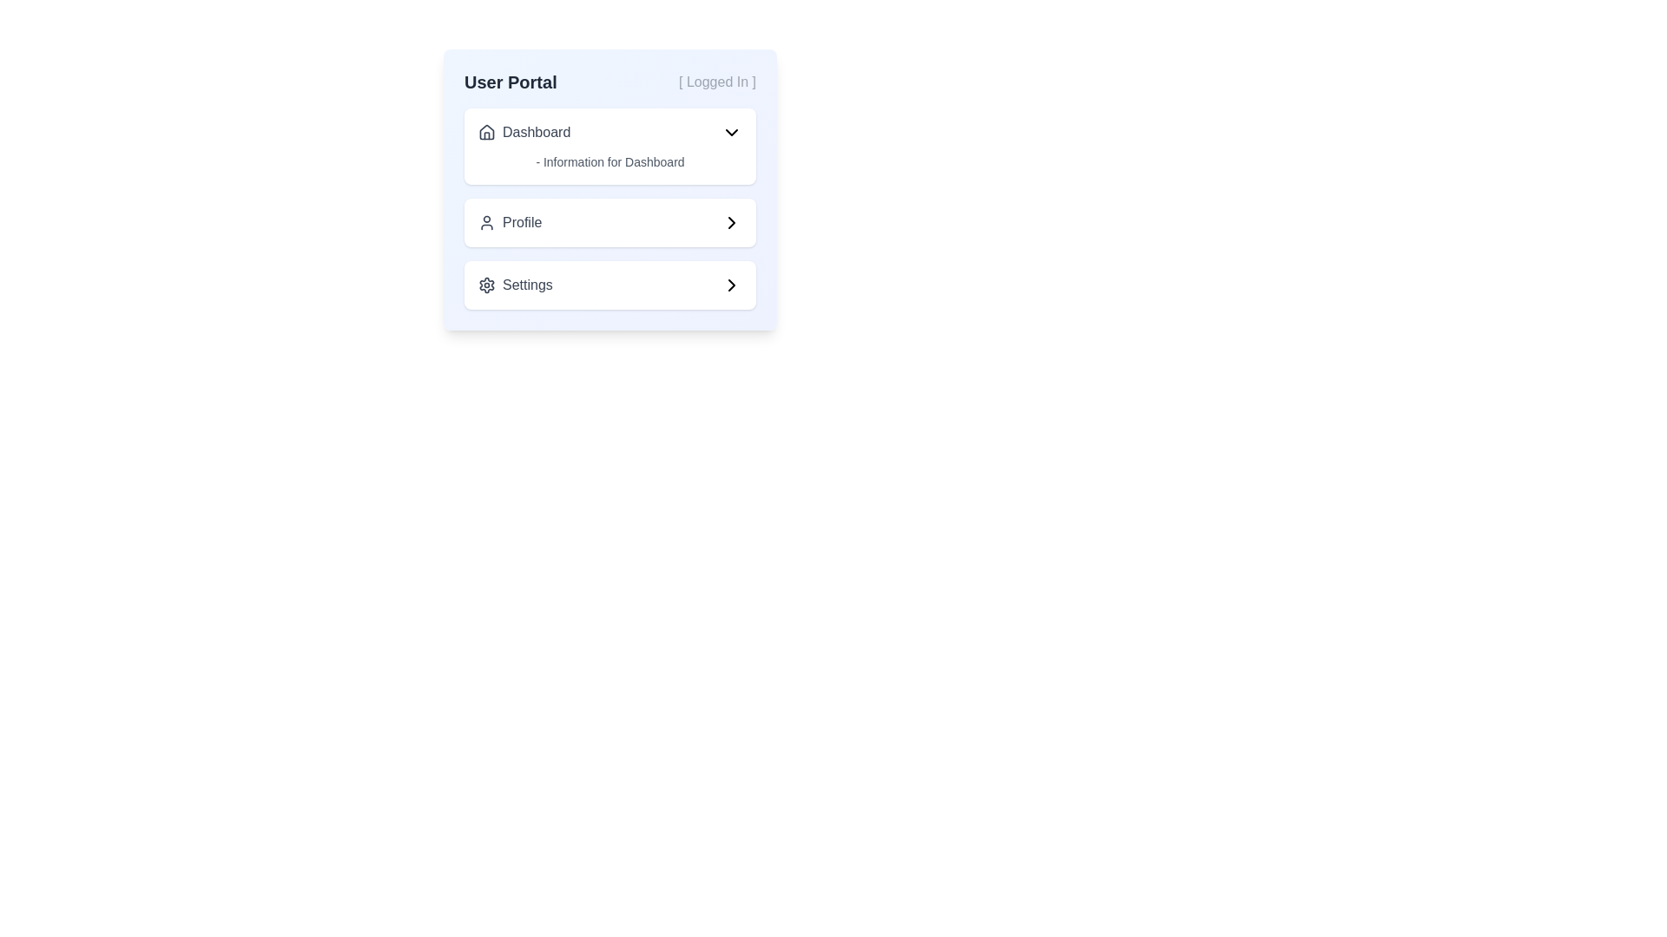 This screenshot has width=1667, height=937. I want to click on the non-interactive text label providing additional information related to the 'Dashboard' section, located directly below the 'Dashboard' label, so click(609, 161).